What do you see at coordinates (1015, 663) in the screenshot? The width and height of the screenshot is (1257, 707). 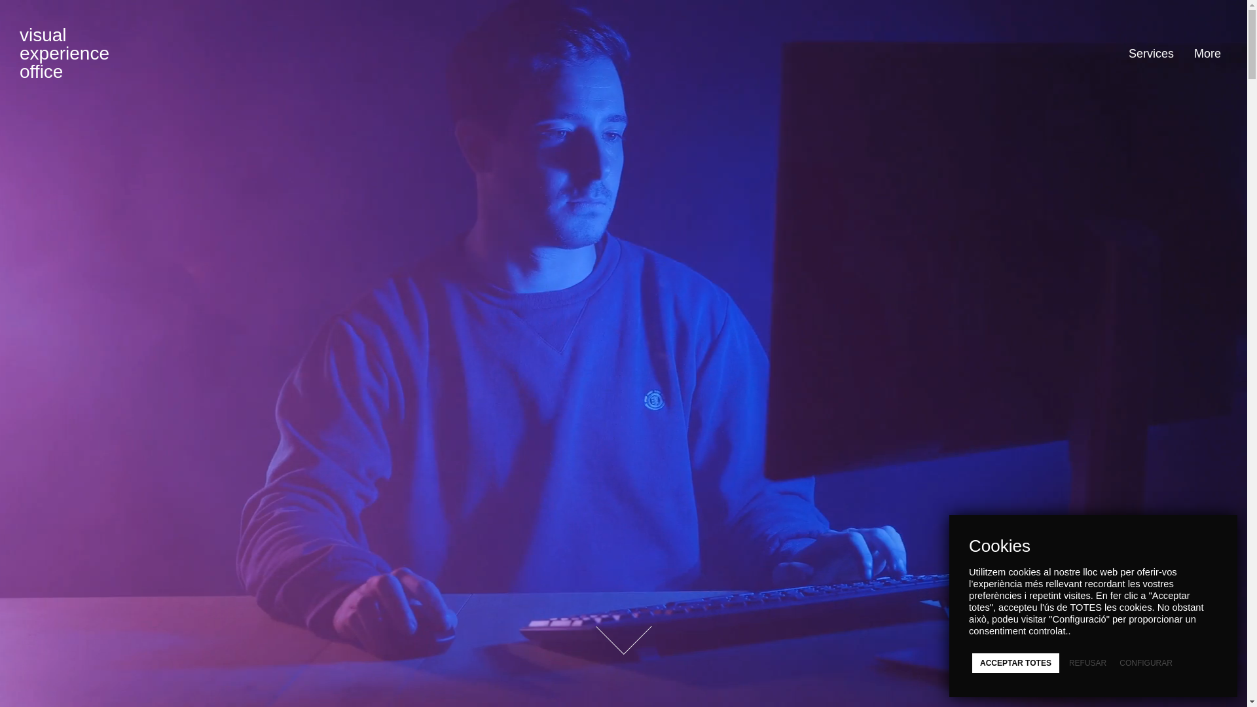 I see `'ACCEPTAR TOTES'` at bounding box center [1015, 663].